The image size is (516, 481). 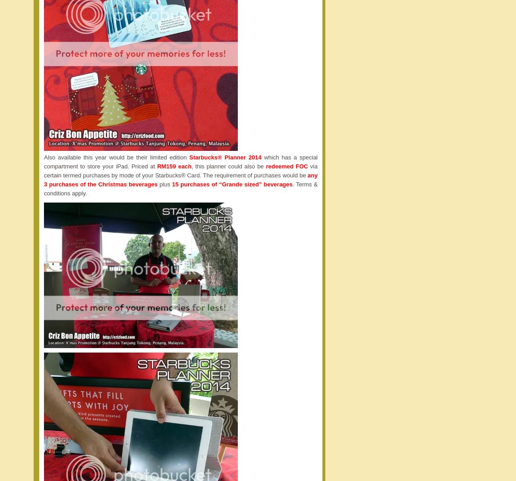 I want to click on 'any 3 purchases of the Christmas beverages', so click(x=180, y=180).